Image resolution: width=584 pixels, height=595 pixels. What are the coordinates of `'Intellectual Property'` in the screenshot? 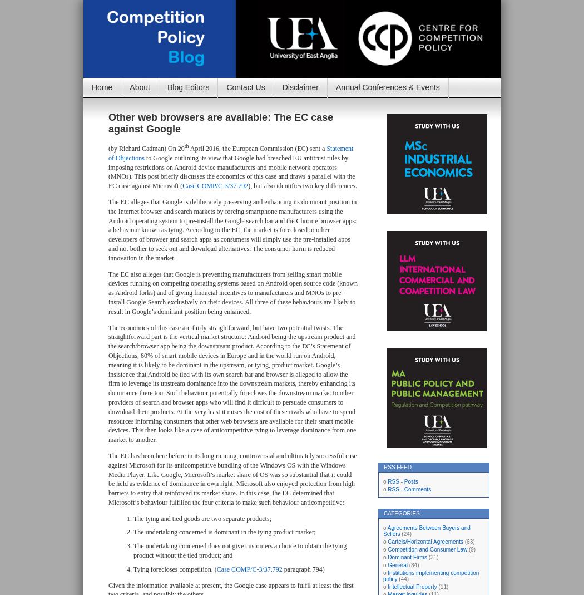 It's located at (411, 587).